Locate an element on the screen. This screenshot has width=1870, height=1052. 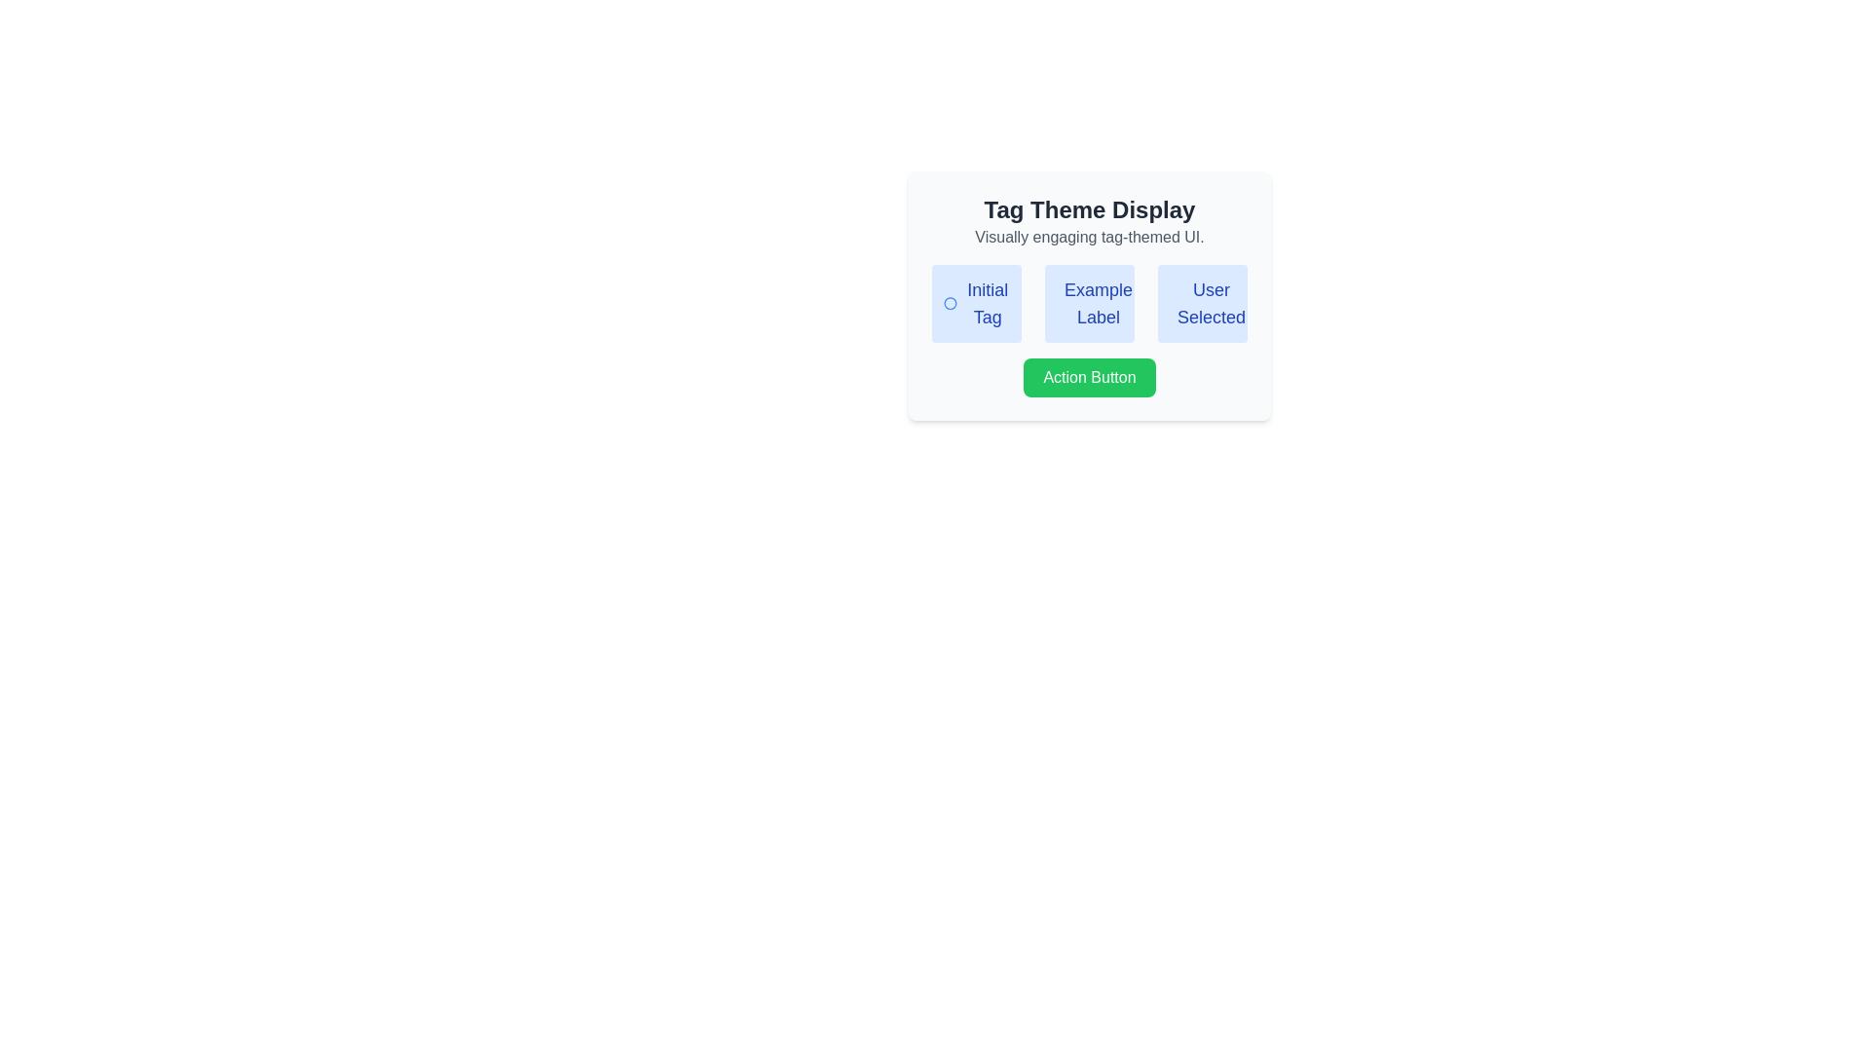
the text label that serves as an identifier for the leftmost tag under the 'Tag Theme Display' heading is located at coordinates (988, 304).